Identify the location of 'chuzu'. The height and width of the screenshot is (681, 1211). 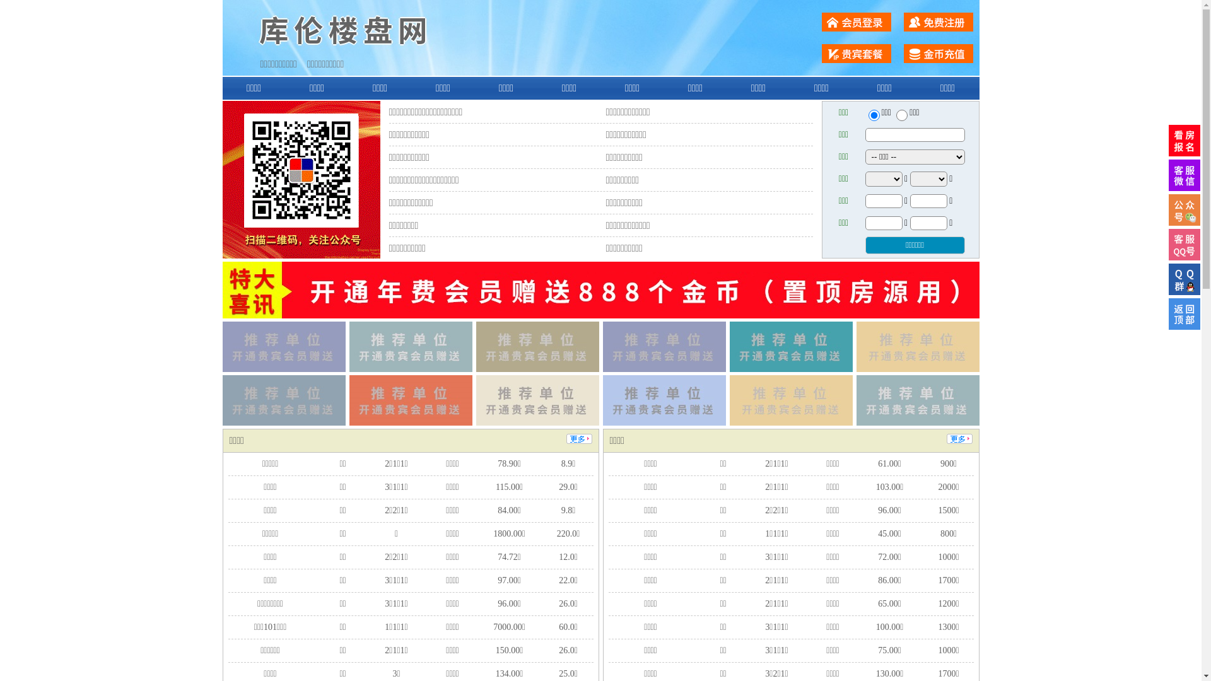
(901, 115).